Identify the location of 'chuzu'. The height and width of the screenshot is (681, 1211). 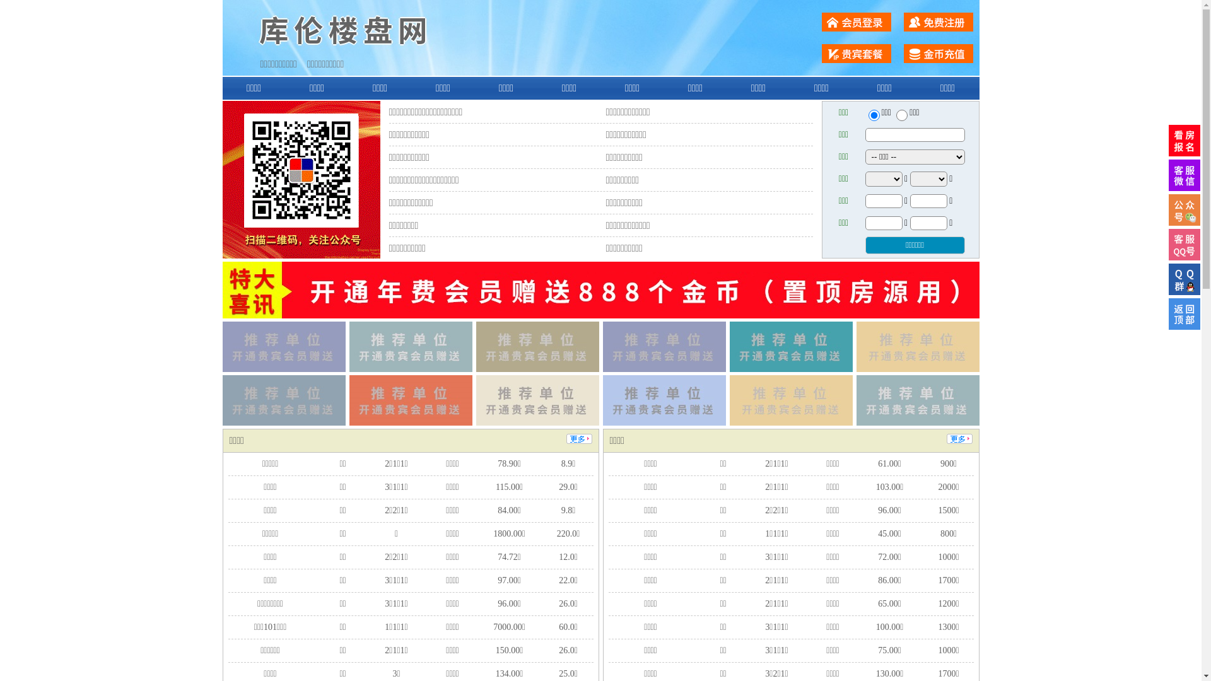
(901, 115).